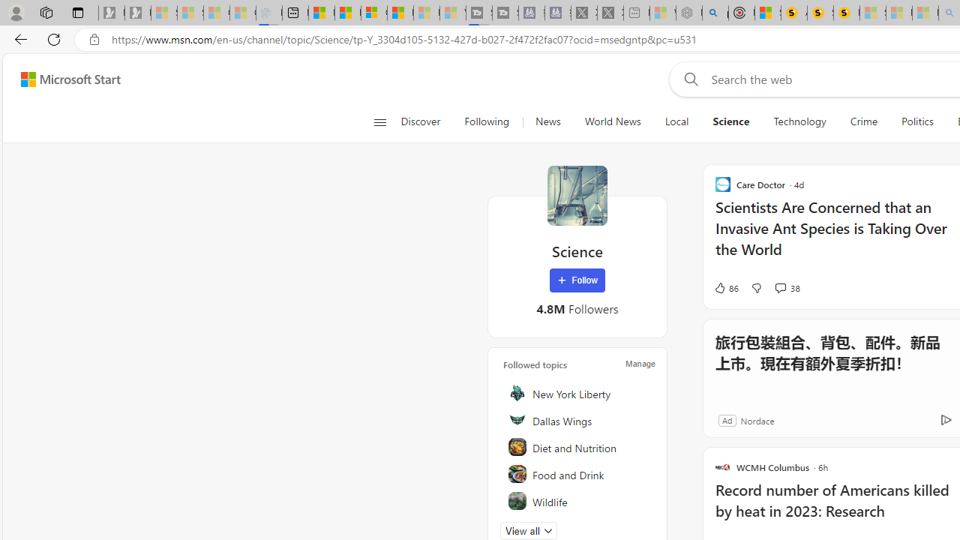  What do you see at coordinates (687, 79) in the screenshot?
I see `'Web search'` at bounding box center [687, 79].